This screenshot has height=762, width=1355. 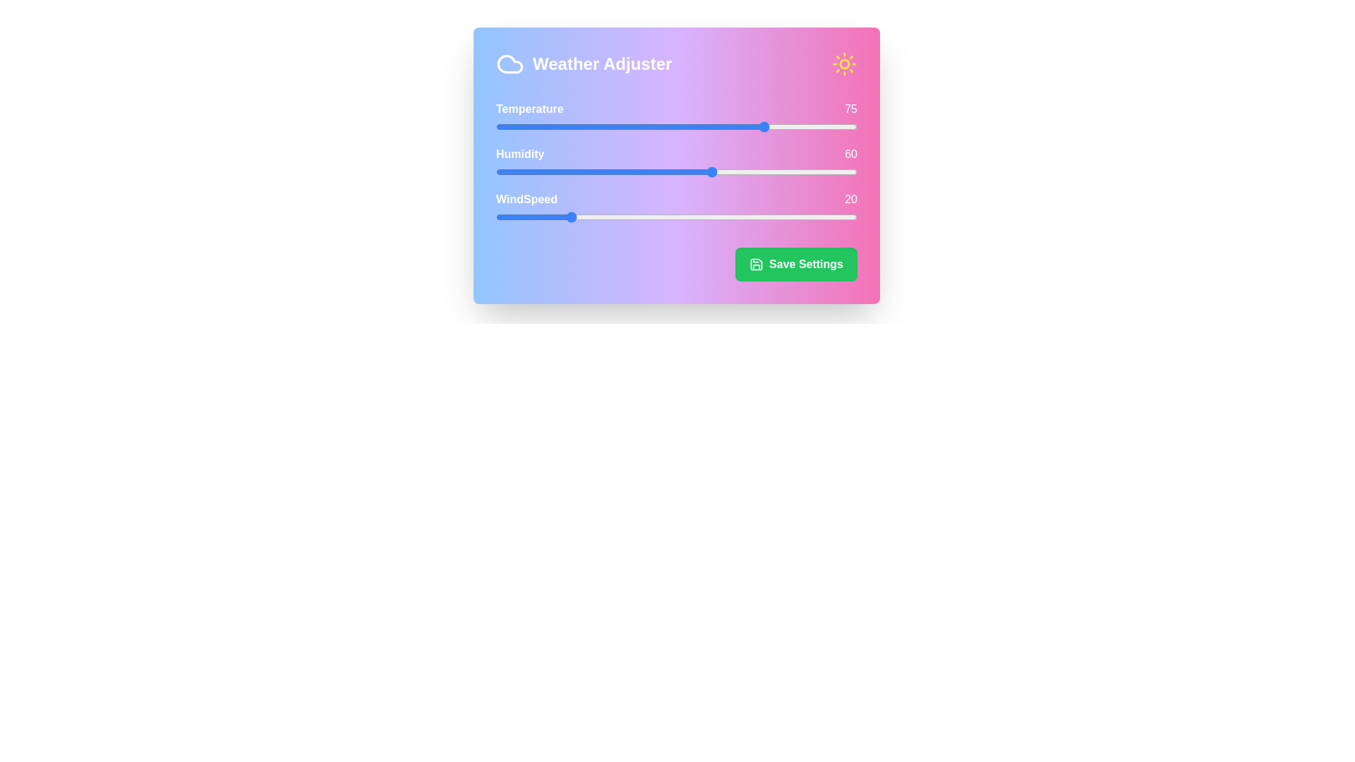 What do you see at coordinates (734, 171) in the screenshot?
I see `the humidity` at bounding box center [734, 171].